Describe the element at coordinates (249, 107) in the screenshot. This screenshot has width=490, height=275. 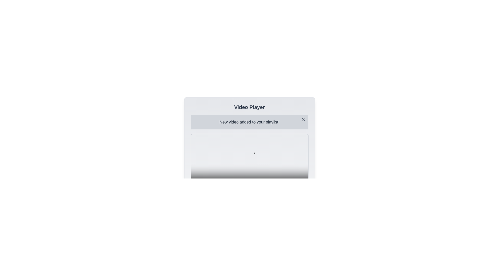
I see `the header text element that serves as a title for the video player section, positioned above the message 'New video added to your playlist!'` at that location.